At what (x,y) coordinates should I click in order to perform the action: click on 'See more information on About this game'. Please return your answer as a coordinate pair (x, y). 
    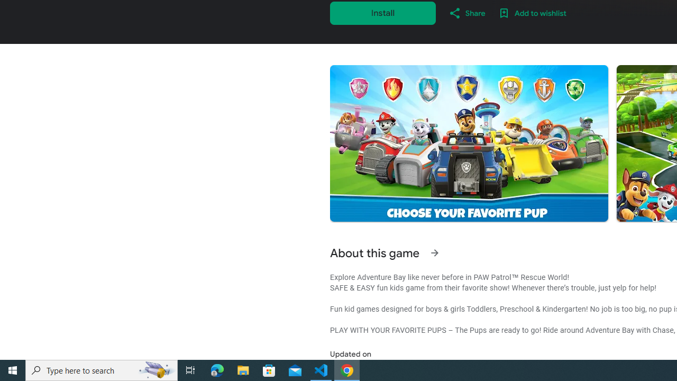
    Looking at the image, I should click on (434, 253).